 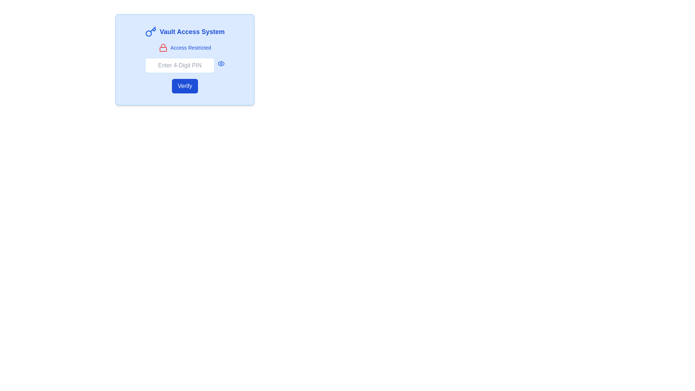 I want to click on the blue key icon associated with the 'Vault Access System' heading by clicking on it, so click(x=151, y=31).